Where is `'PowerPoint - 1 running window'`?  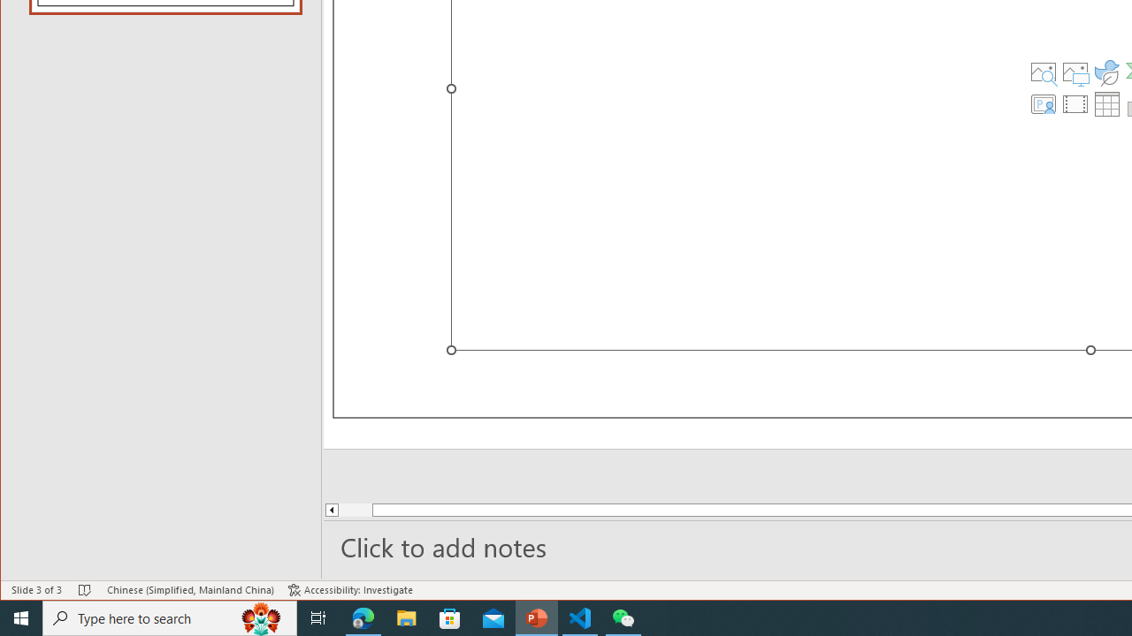 'PowerPoint - 1 running window' is located at coordinates (536, 617).